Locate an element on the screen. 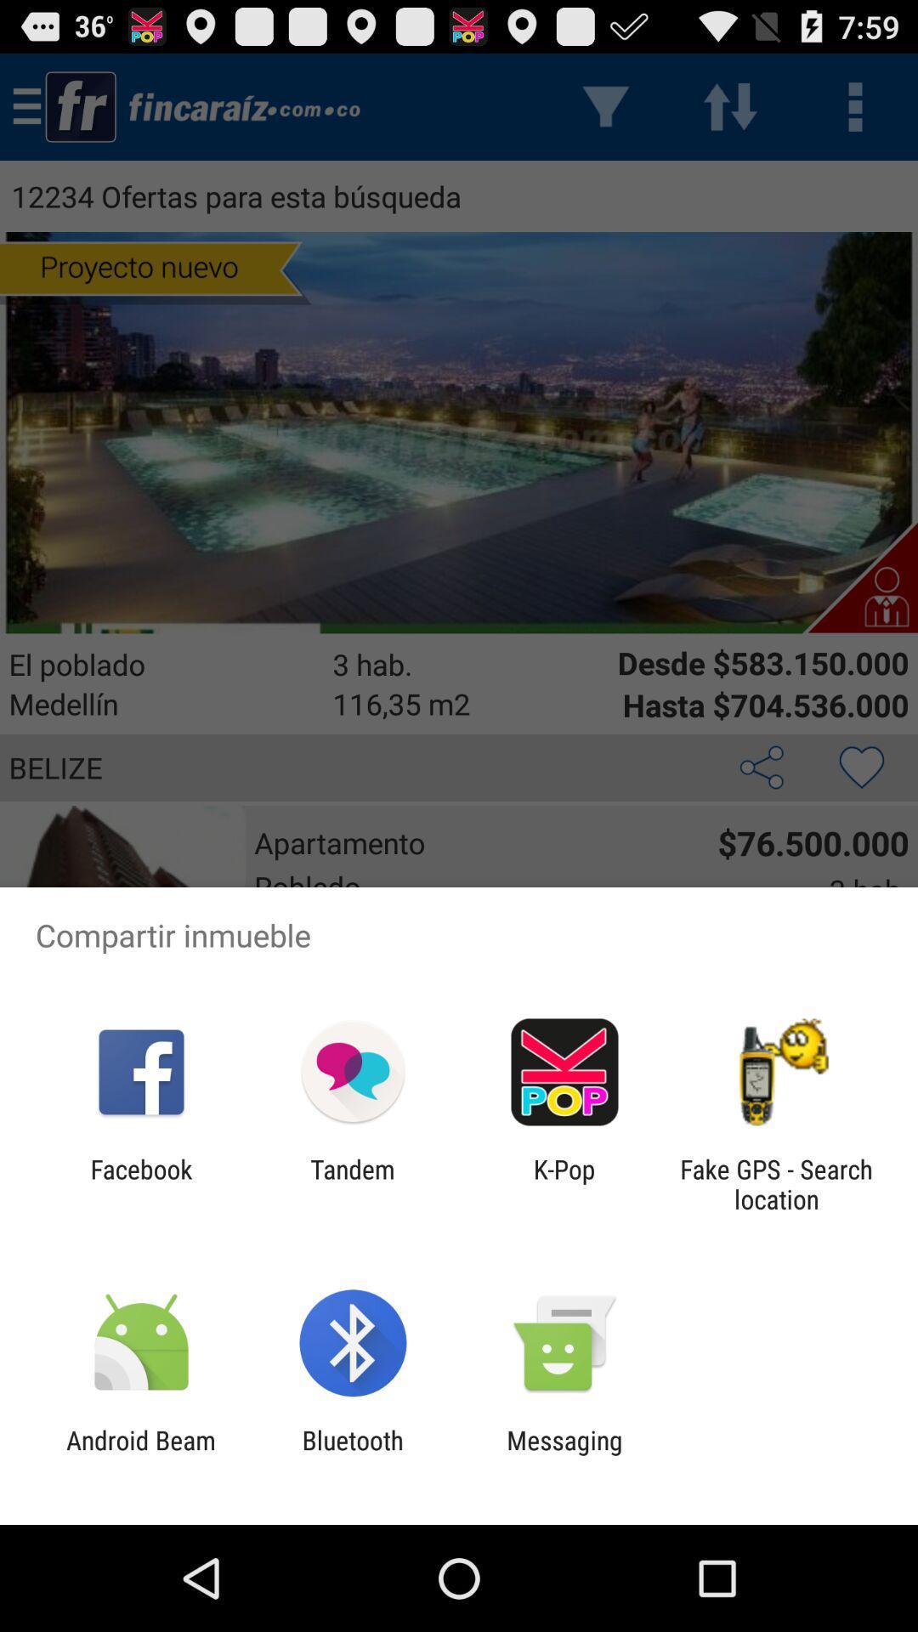 The height and width of the screenshot is (1632, 918). android beam app is located at coordinates (140, 1454).